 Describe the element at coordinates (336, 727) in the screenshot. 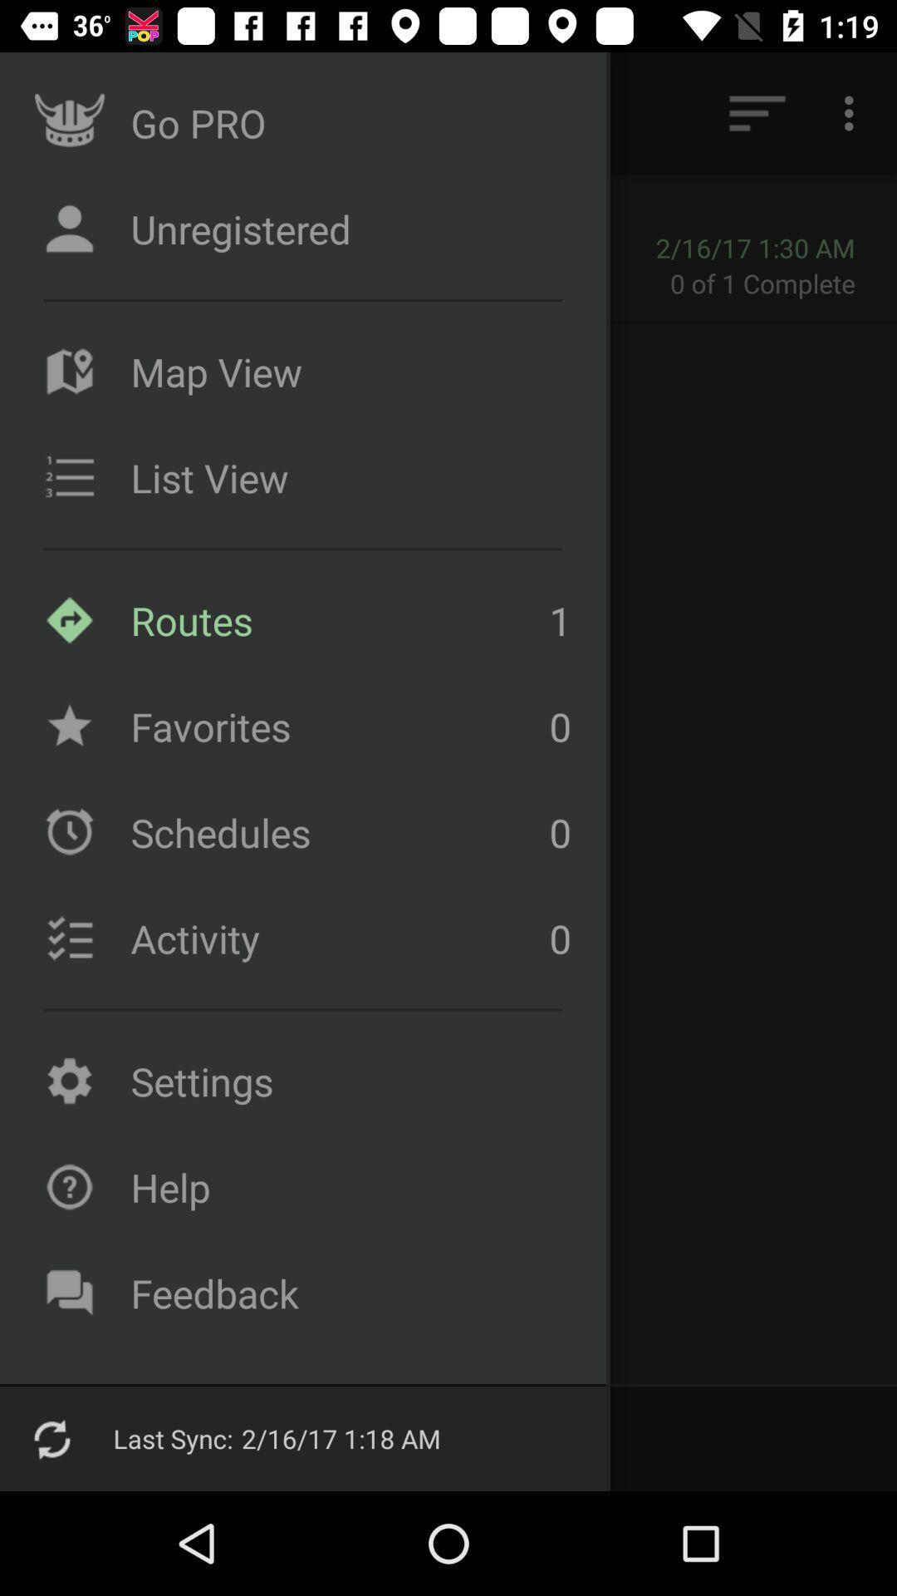

I see `item below the routes item` at that location.